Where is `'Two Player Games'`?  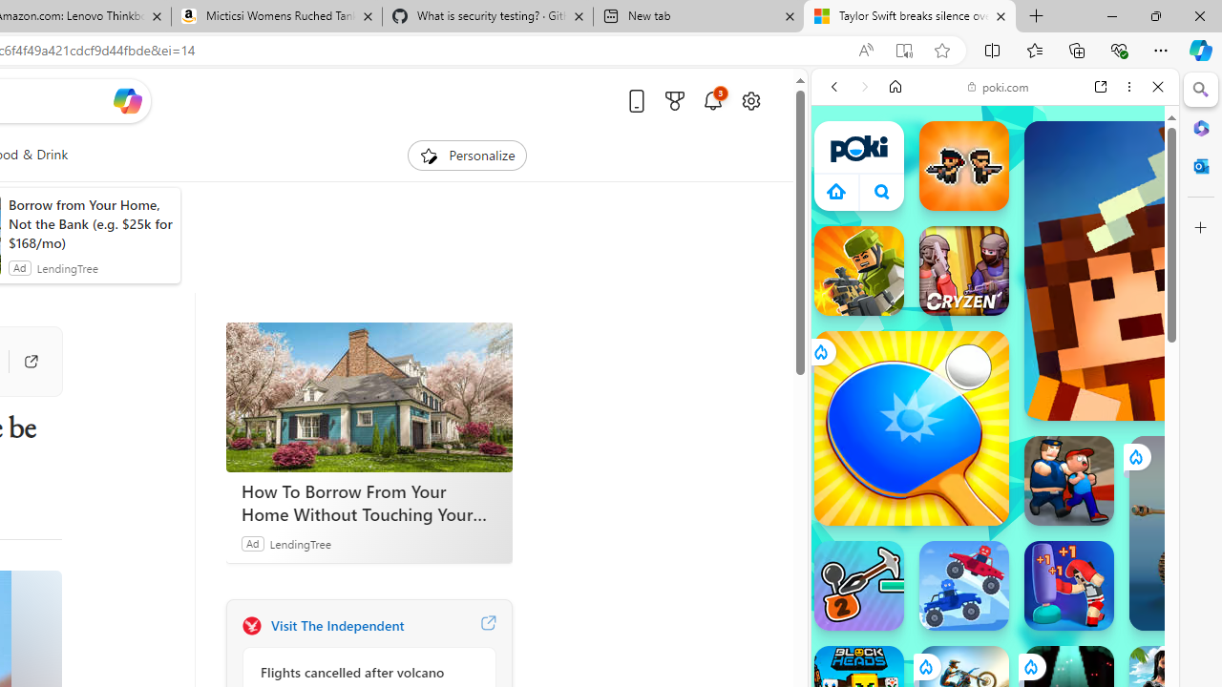
'Two Player Games' is located at coordinates (994, 542).